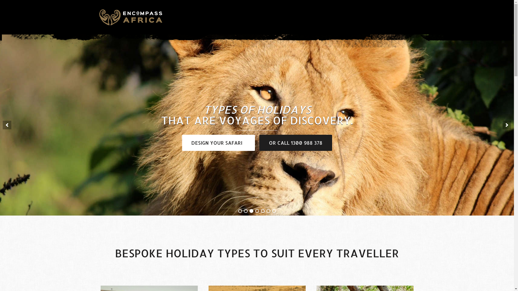 This screenshot has width=518, height=291. Describe the element at coordinates (131, 16) in the screenshot. I see `'Encompass Africa'` at that location.